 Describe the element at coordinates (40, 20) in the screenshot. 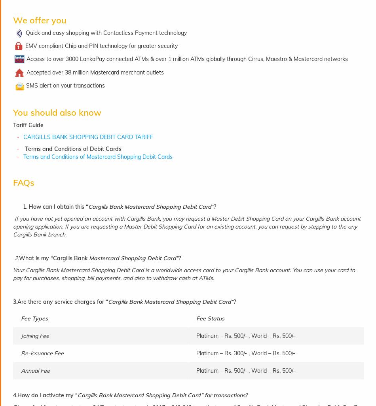

I see `'We offer you'` at that location.